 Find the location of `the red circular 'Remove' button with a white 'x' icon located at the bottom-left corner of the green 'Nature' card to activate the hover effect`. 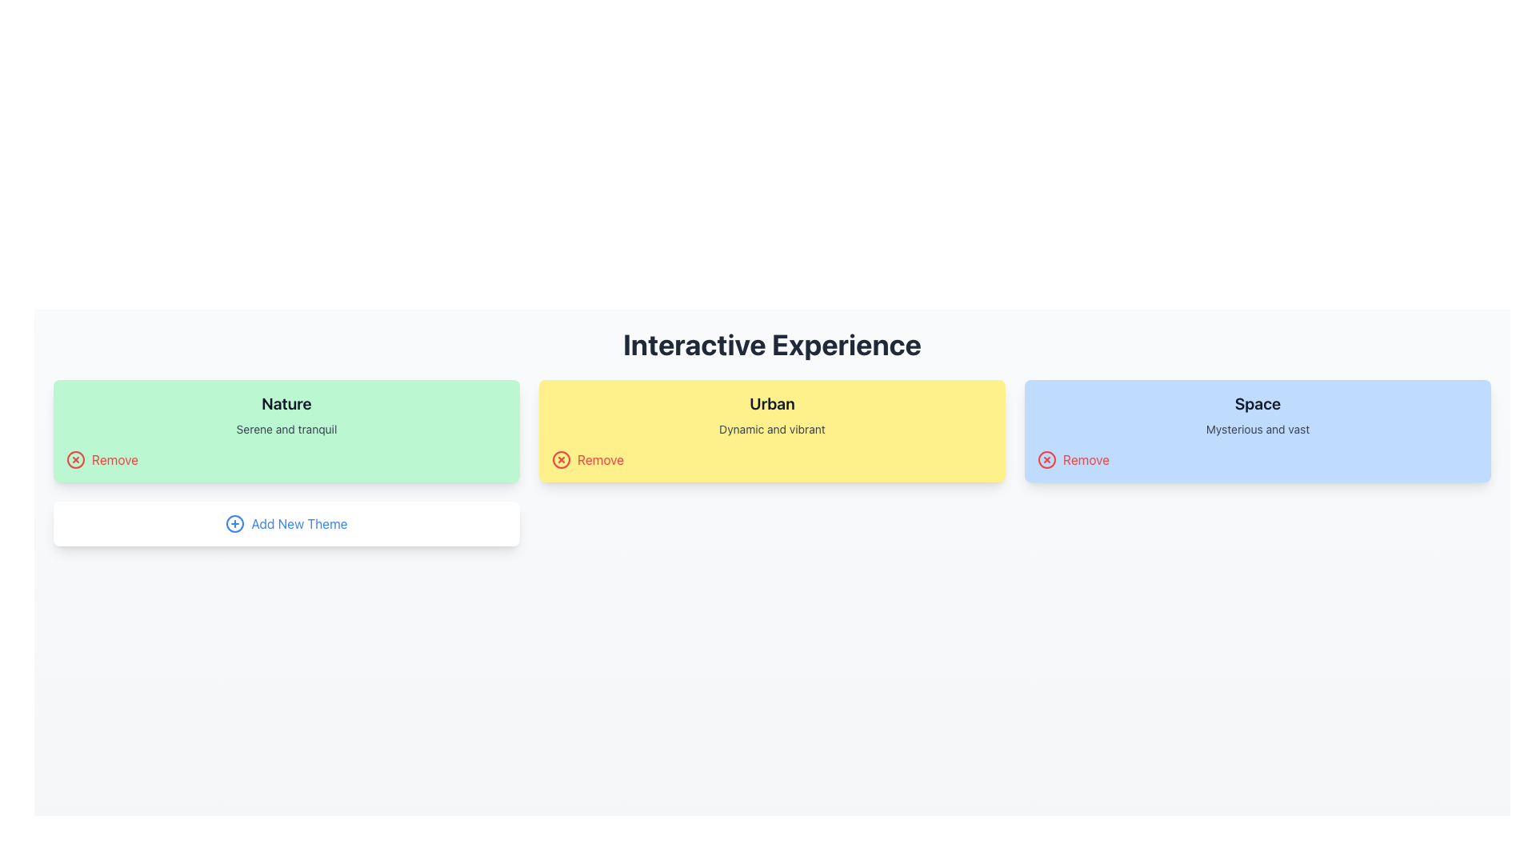

the red circular 'Remove' button with a white 'x' icon located at the bottom-left corner of the green 'Nature' card to activate the hover effect is located at coordinates (102, 459).